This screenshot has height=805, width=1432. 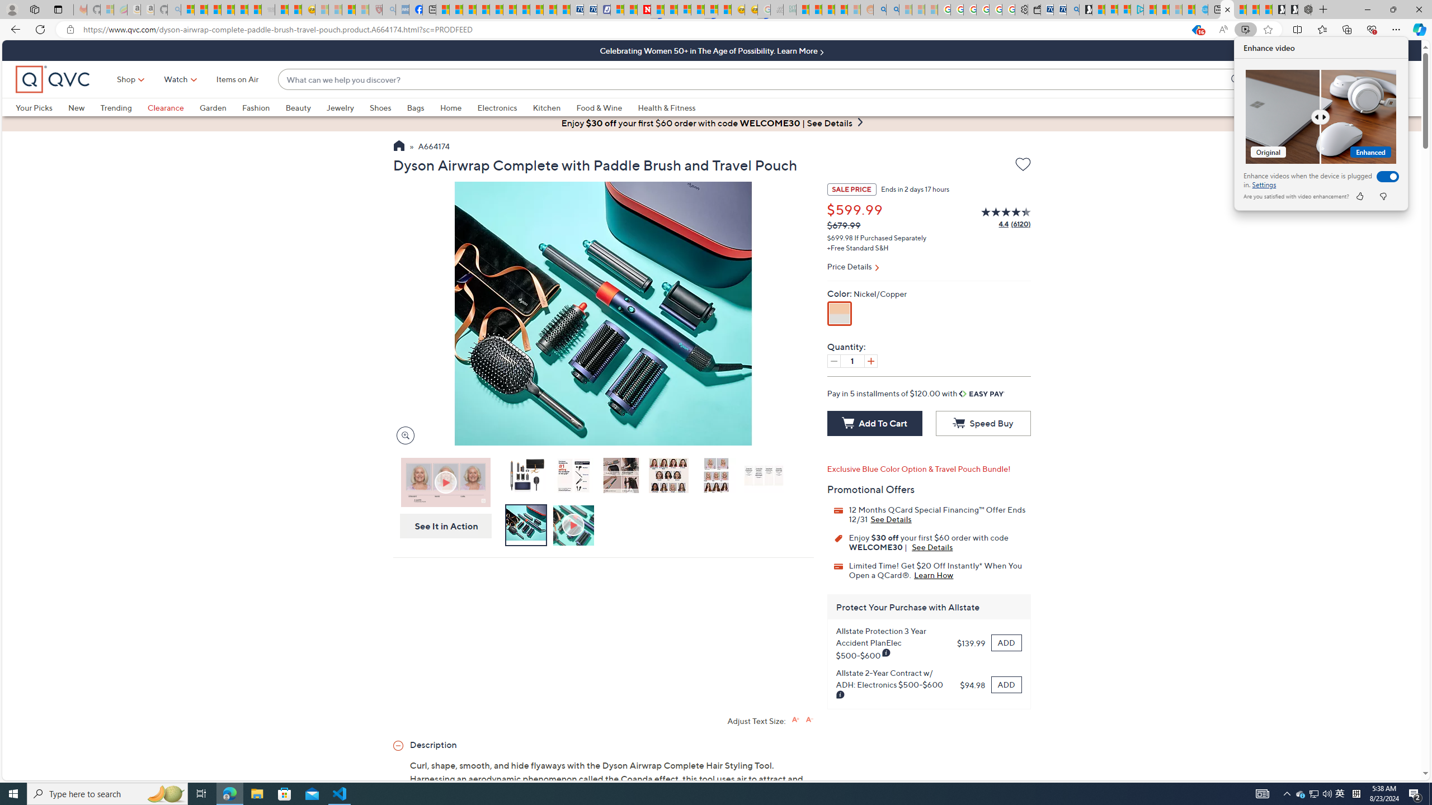 What do you see at coordinates (340, 107) in the screenshot?
I see `'Jewelry'` at bounding box center [340, 107].